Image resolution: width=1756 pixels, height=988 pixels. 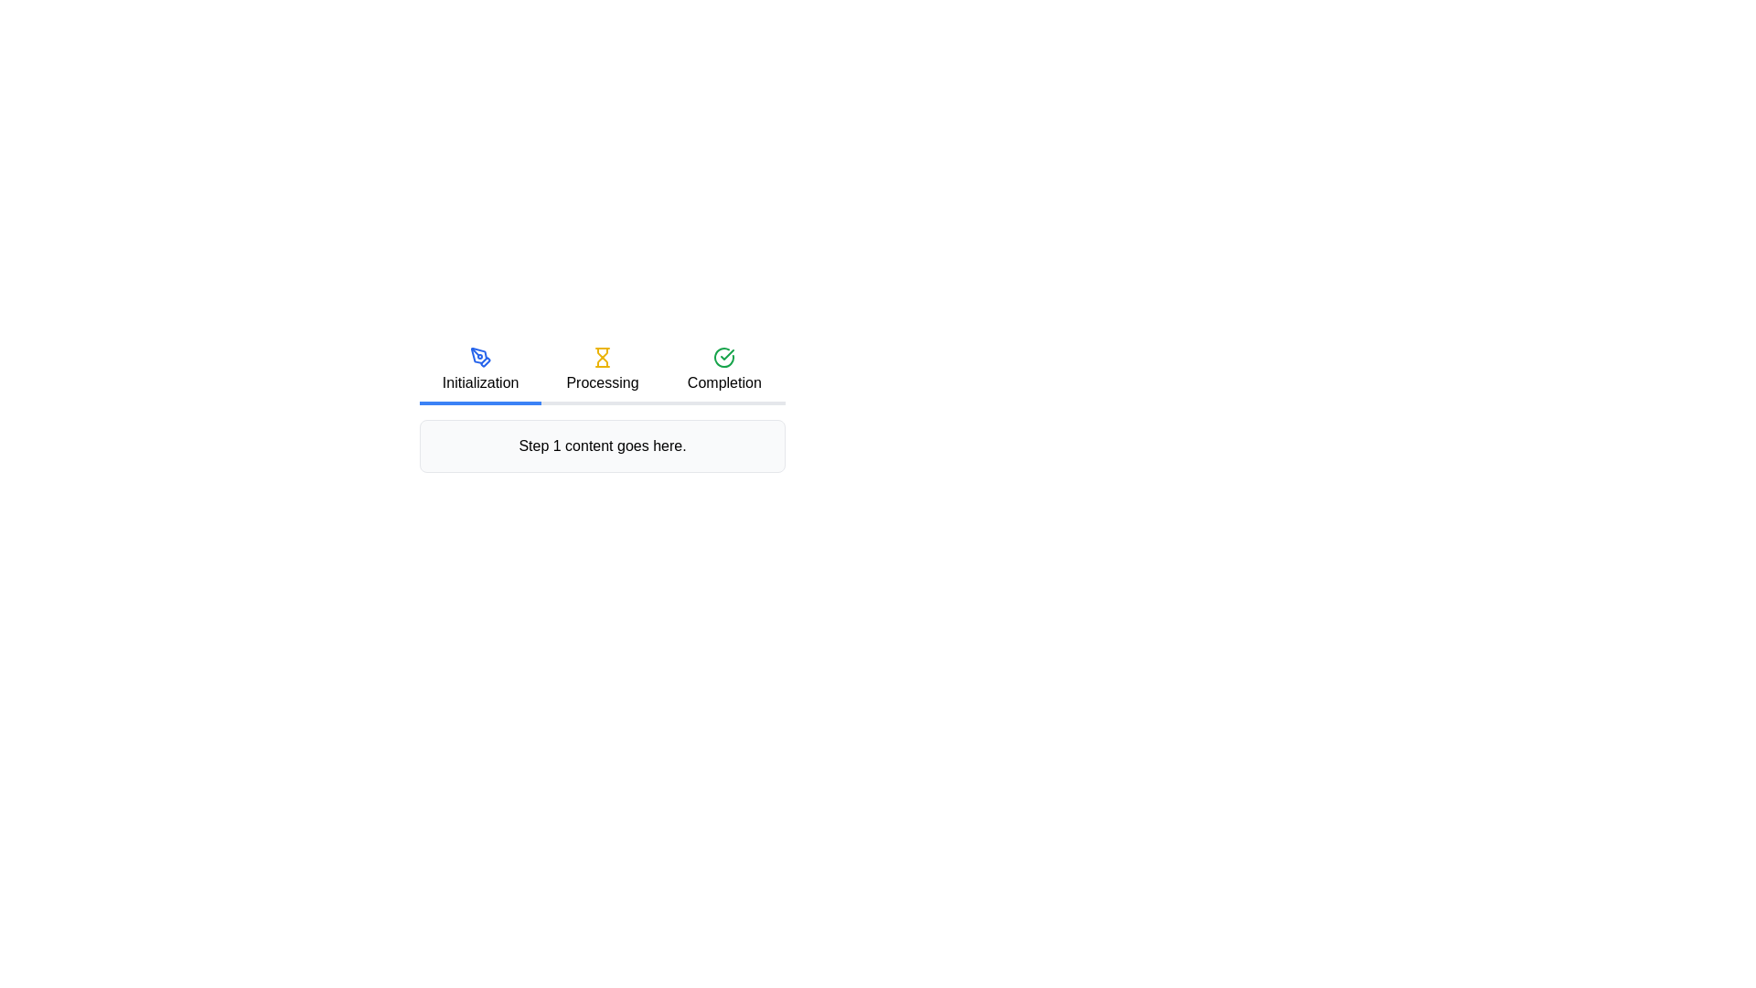 I want to click on the 'Processing' step label in the three-step progress bar, so click(x=602, y=382).